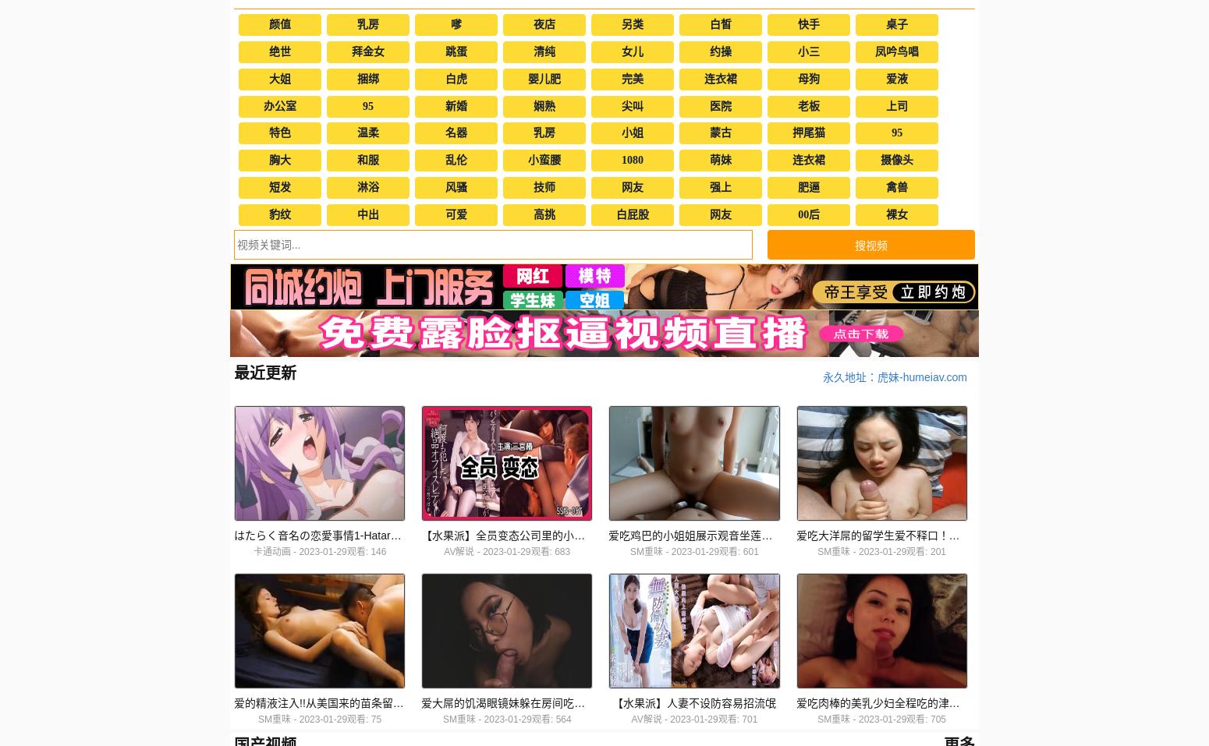 Image resolution: width=1209 pixels, height=746 pixels. What do you see at coordinates (484, 719) in the screenshot?
I see `'2023-01-29观看: 564'` at bounding box center [484, 719].